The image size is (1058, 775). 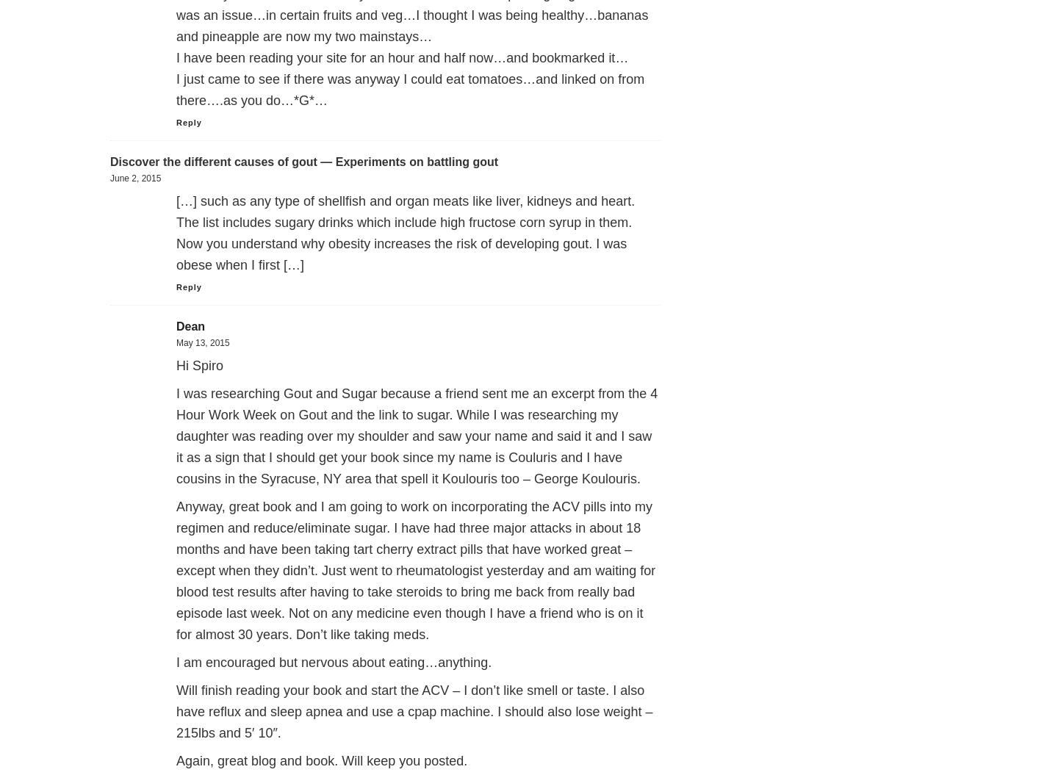 I want to click on 'I was researching Gout and Sugar because a friend sent me an excerpt from the 4 Hour Work Week on Gout and the link to sugar. While I was researching my daughter was reading over my shoulder and saw your name and said it and I saw it as a sign that I should get your book since my name is Couluris and I have cousins in the Syracuse, NY area that spell it Koulouris too – George Koulouris.', so click(x=417, y=436).